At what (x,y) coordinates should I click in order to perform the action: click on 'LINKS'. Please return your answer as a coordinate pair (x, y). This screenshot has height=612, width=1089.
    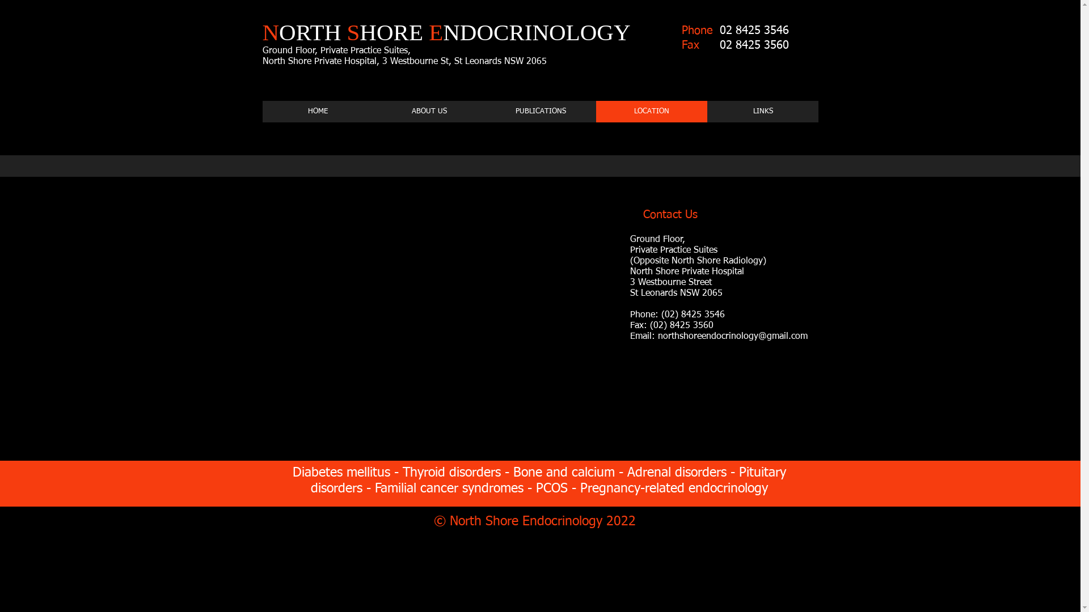
    Looking at the image, I should click on (762, 111).